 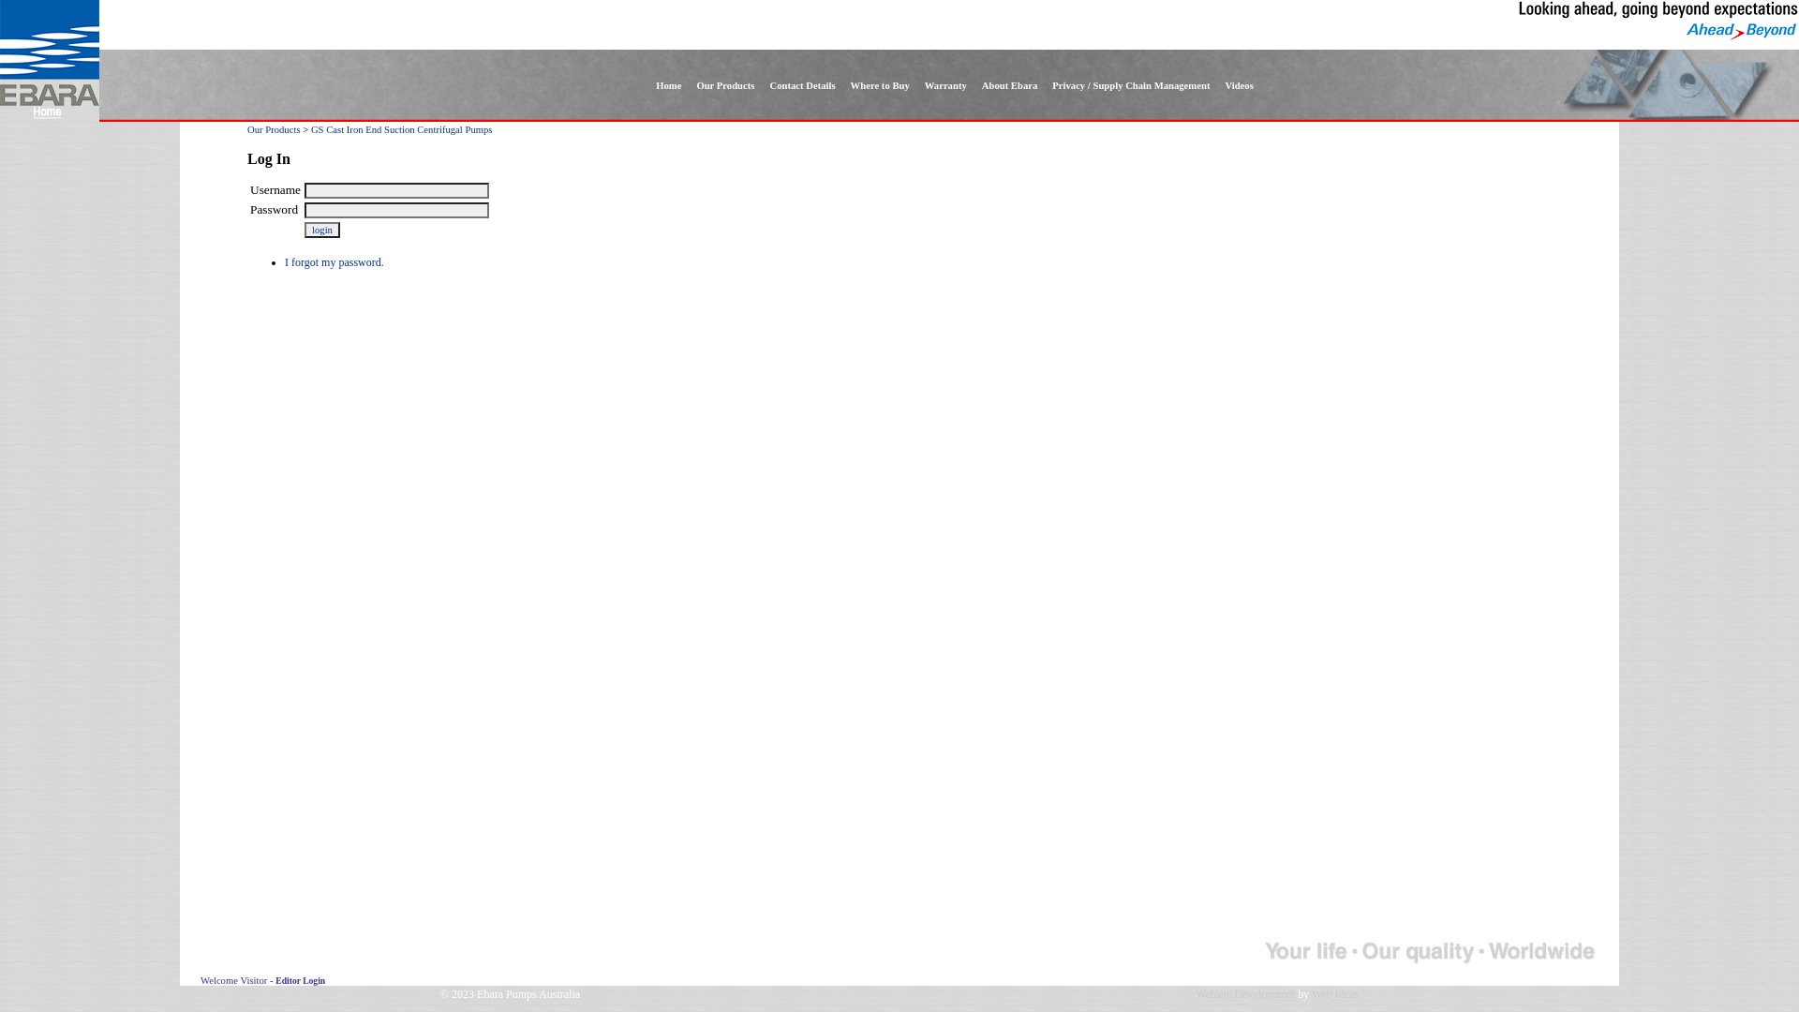 I want to click on 'Privacy / Supply Chain Management', so click(x=1043, y=85).